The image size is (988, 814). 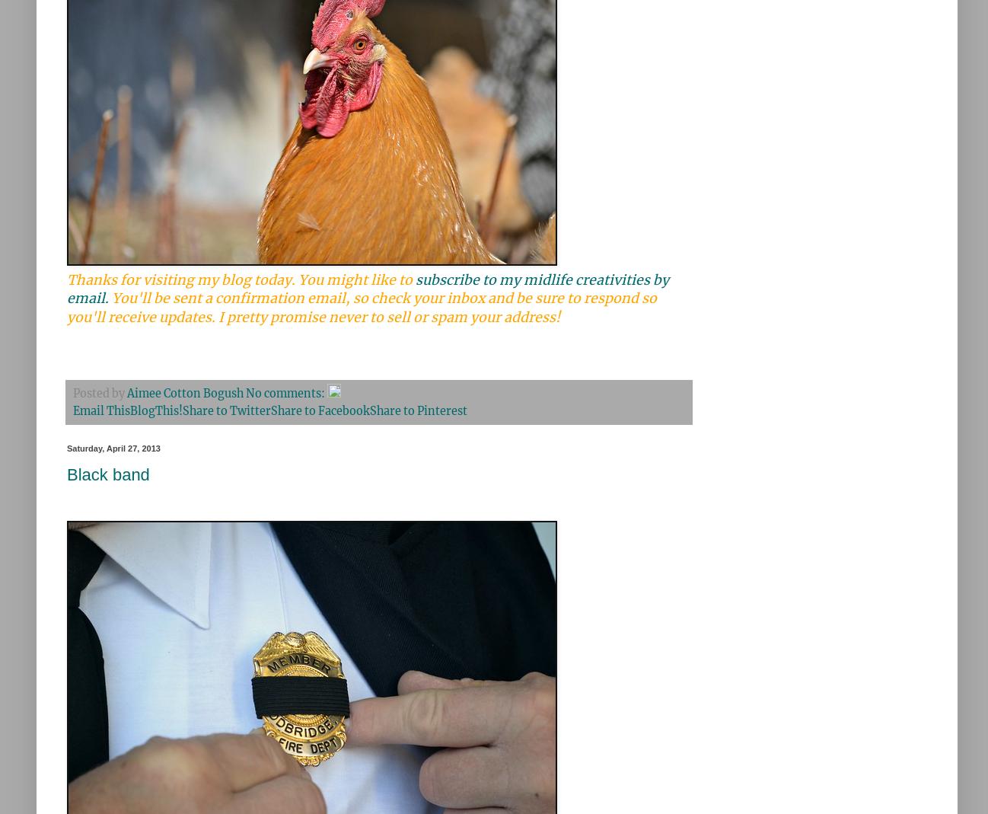 What do you see at coordinates (107, 474) in the screenshot?
I see `'Black band'` at bounding box center [107, 474].